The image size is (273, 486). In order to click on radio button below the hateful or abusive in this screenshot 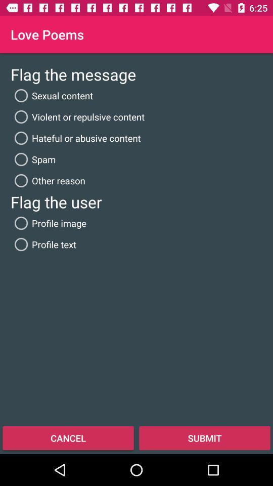, I will do `click(33, 159)`.